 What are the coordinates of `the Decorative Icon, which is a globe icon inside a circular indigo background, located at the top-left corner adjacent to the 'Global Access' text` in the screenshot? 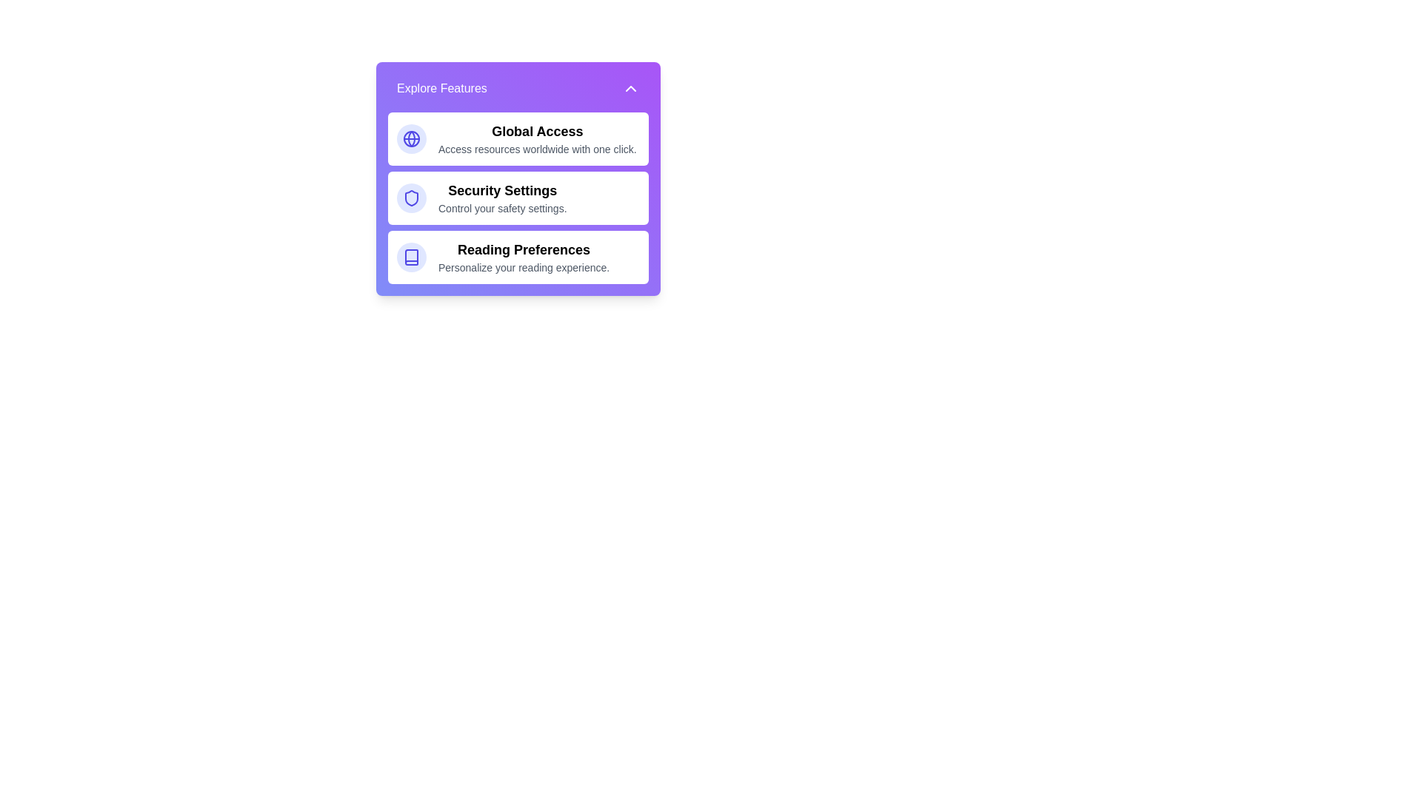 It's located at (412, 139).